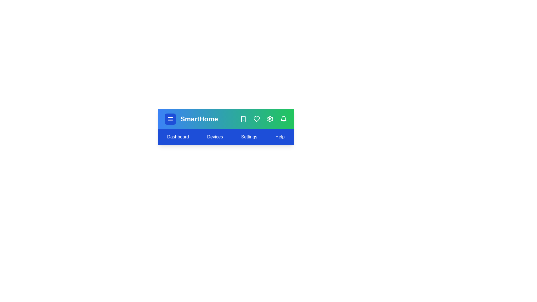 This screenshot has height=302, width=537. I want to click on the 'Heart' icon in the SmartHomeAppBar, so click(256, 119).